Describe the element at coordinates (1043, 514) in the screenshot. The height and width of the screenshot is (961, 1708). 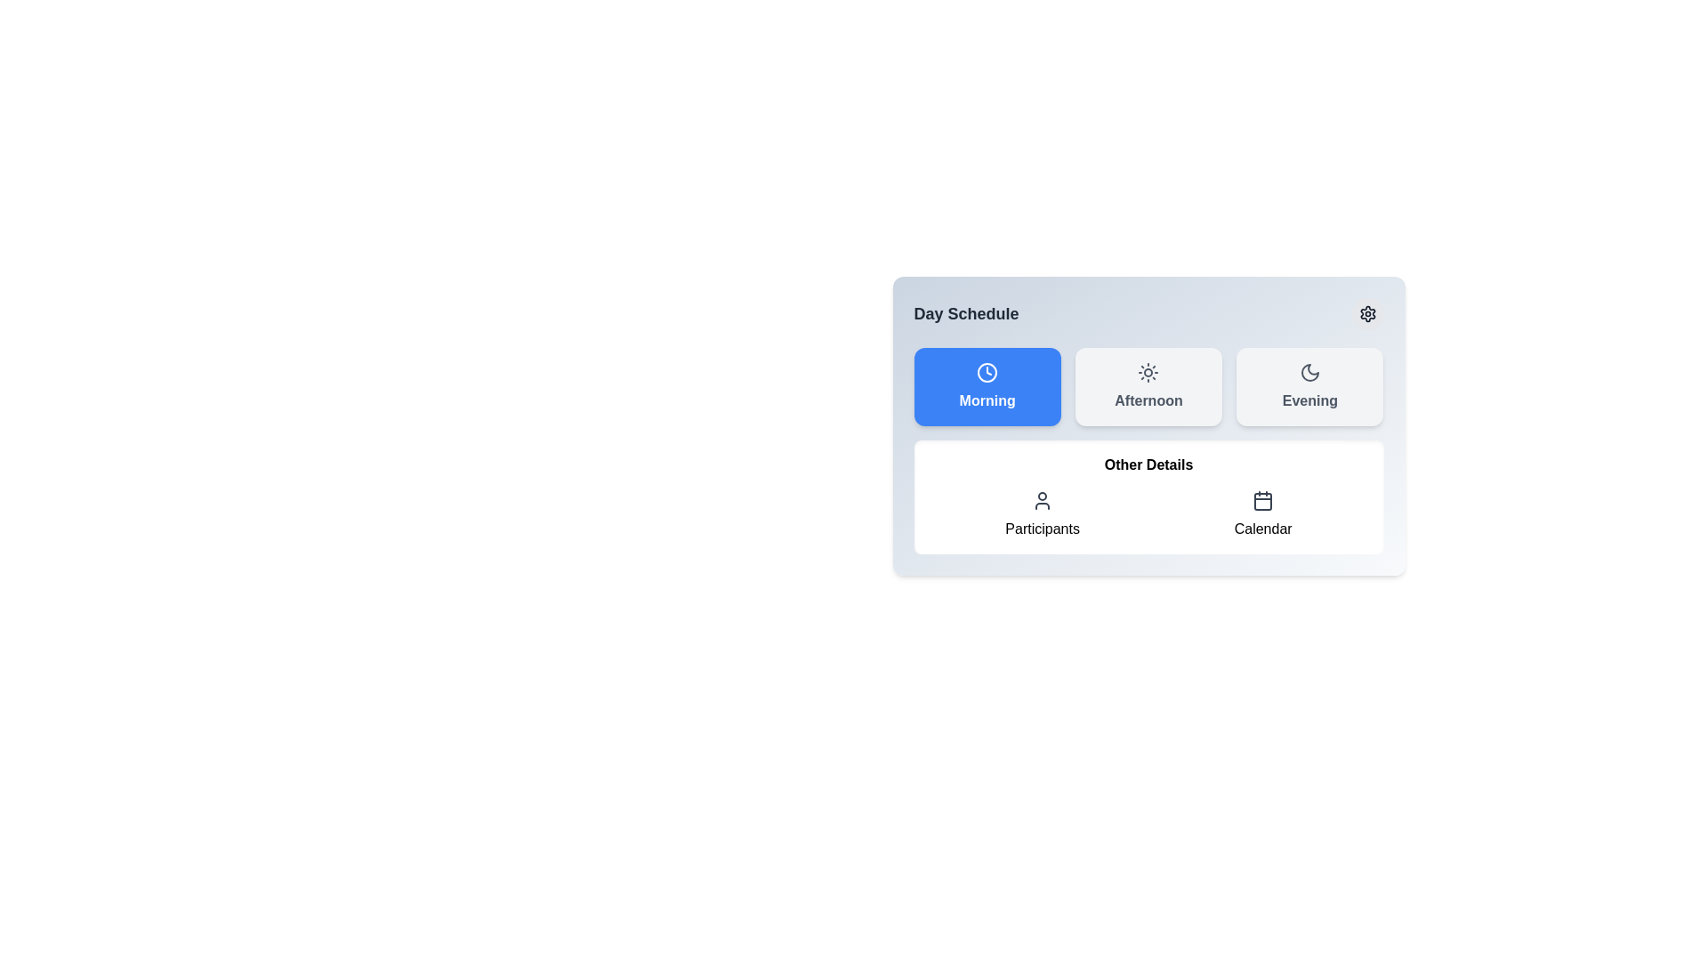
I see `the icon or text of the Combined UI element located in the 'Other Details' section` at that location.